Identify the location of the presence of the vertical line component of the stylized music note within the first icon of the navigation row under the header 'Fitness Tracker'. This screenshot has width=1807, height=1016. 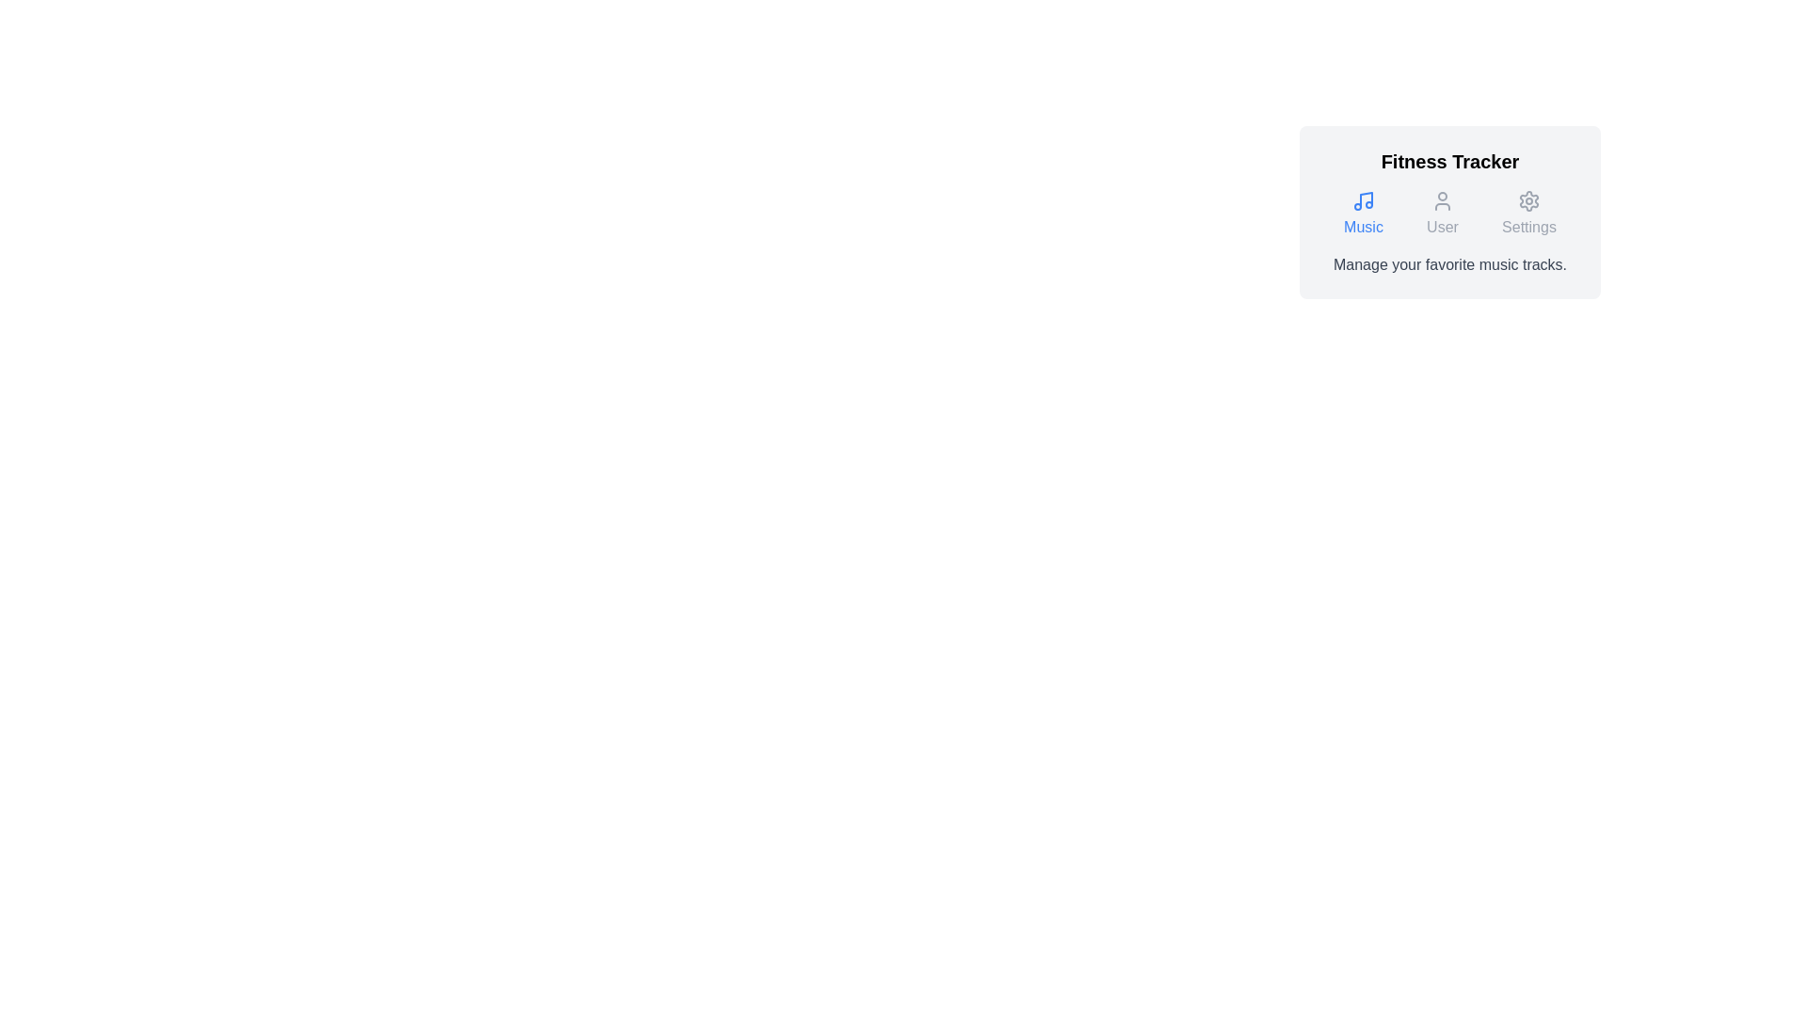
(1366, 199).